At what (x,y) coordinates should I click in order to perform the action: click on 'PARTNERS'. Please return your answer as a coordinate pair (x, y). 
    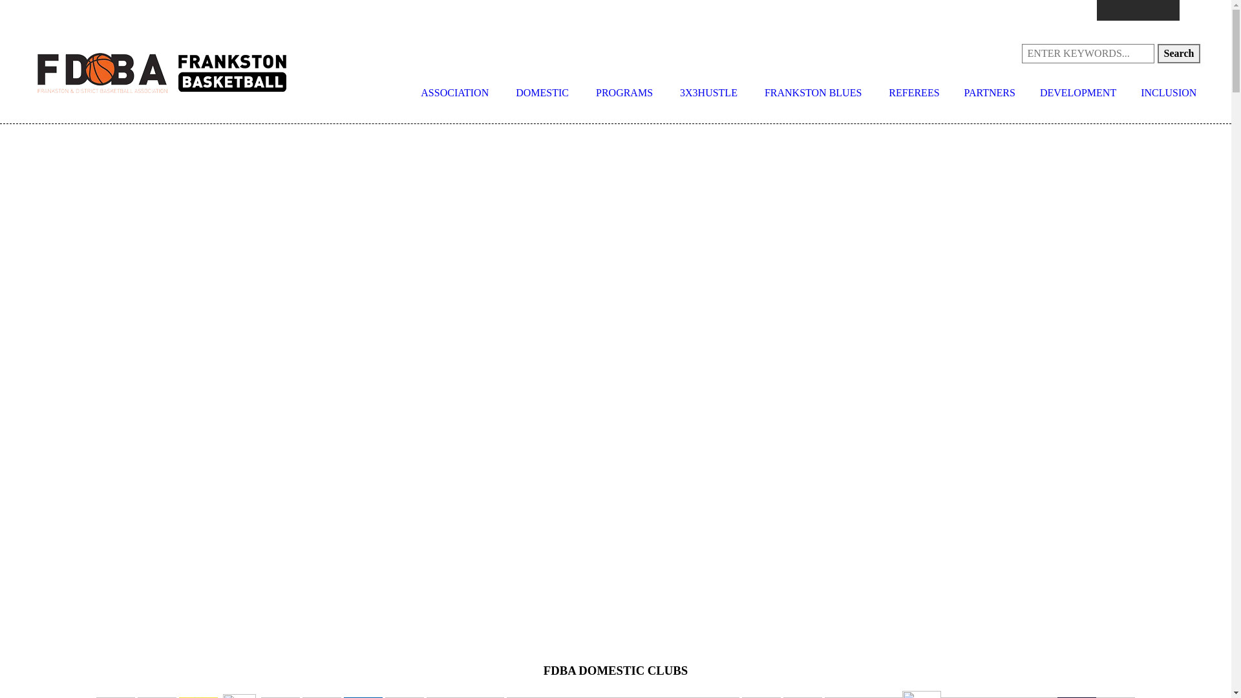
    Looking at the image, I should click on (960, 92).